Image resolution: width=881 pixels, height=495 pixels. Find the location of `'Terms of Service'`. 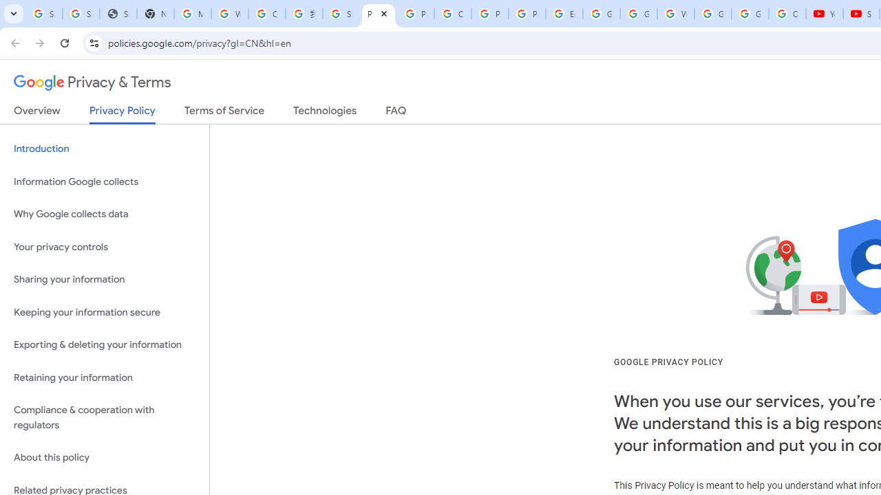

'Terms of Service' is located at coordinates (224, 113).